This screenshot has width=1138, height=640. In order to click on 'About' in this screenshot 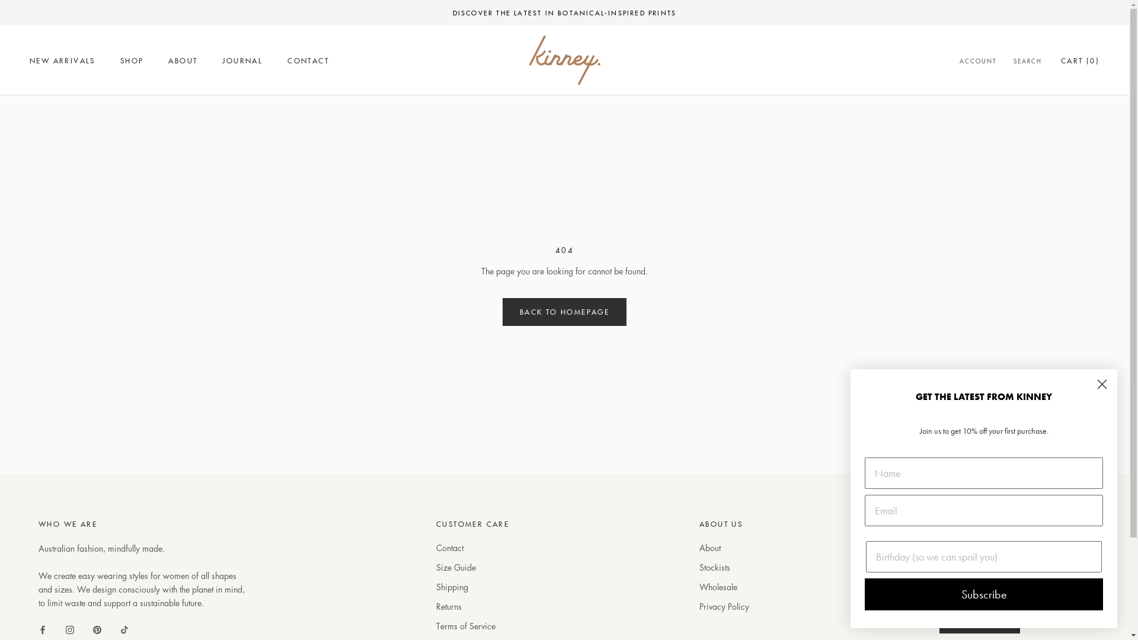, I will do `click(724, 548)`.